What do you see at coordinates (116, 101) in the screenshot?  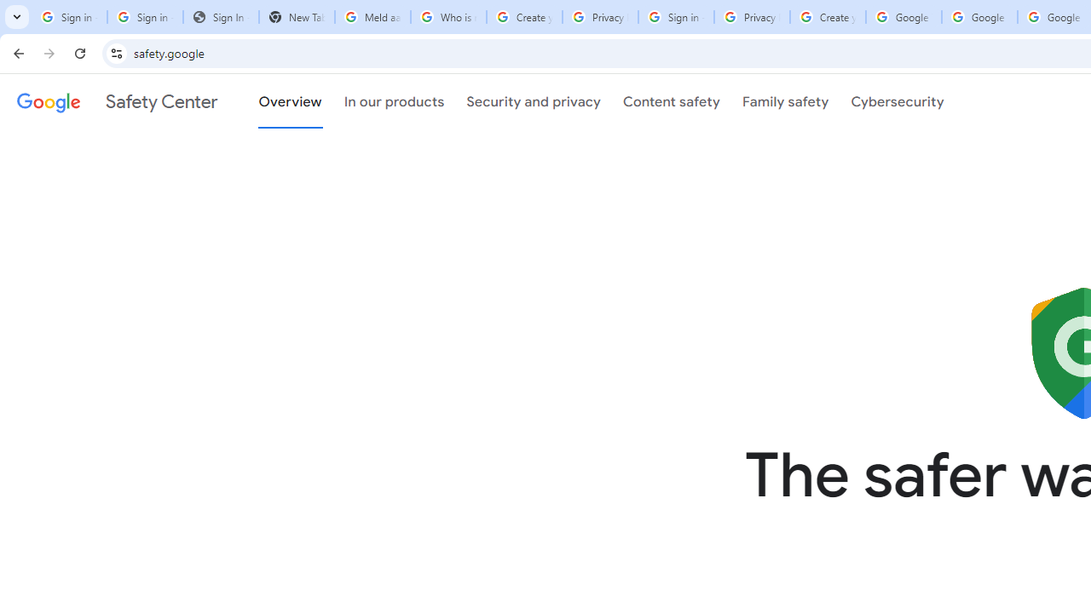 I see `'Safety Center'` at bounding box center [116, 101].